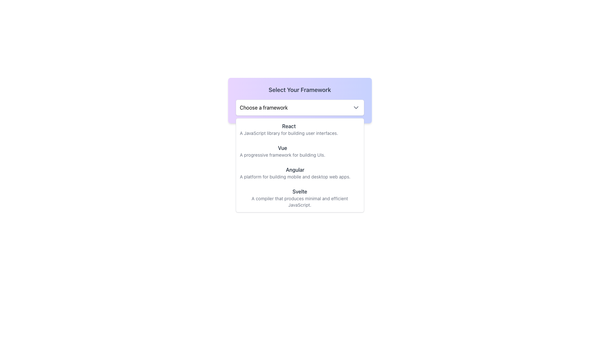  I want to click on the text 'React' in bold within the dropdown menu, so click(288, 129).